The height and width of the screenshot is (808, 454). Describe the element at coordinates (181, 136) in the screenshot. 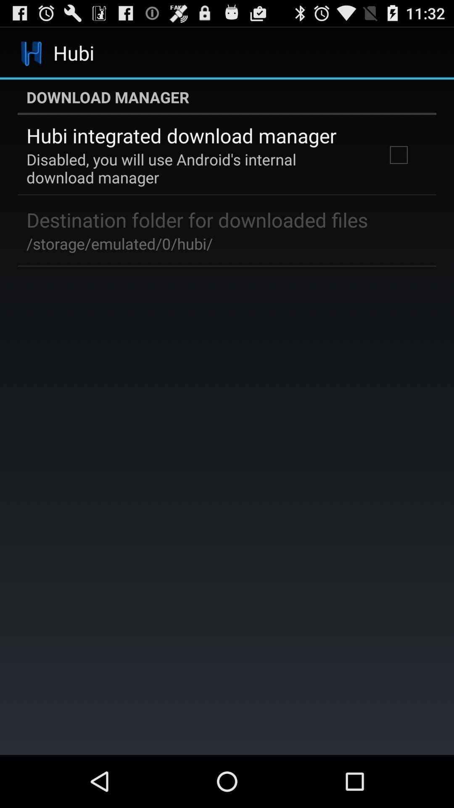

I see `the item below the download manager icon` at that location.